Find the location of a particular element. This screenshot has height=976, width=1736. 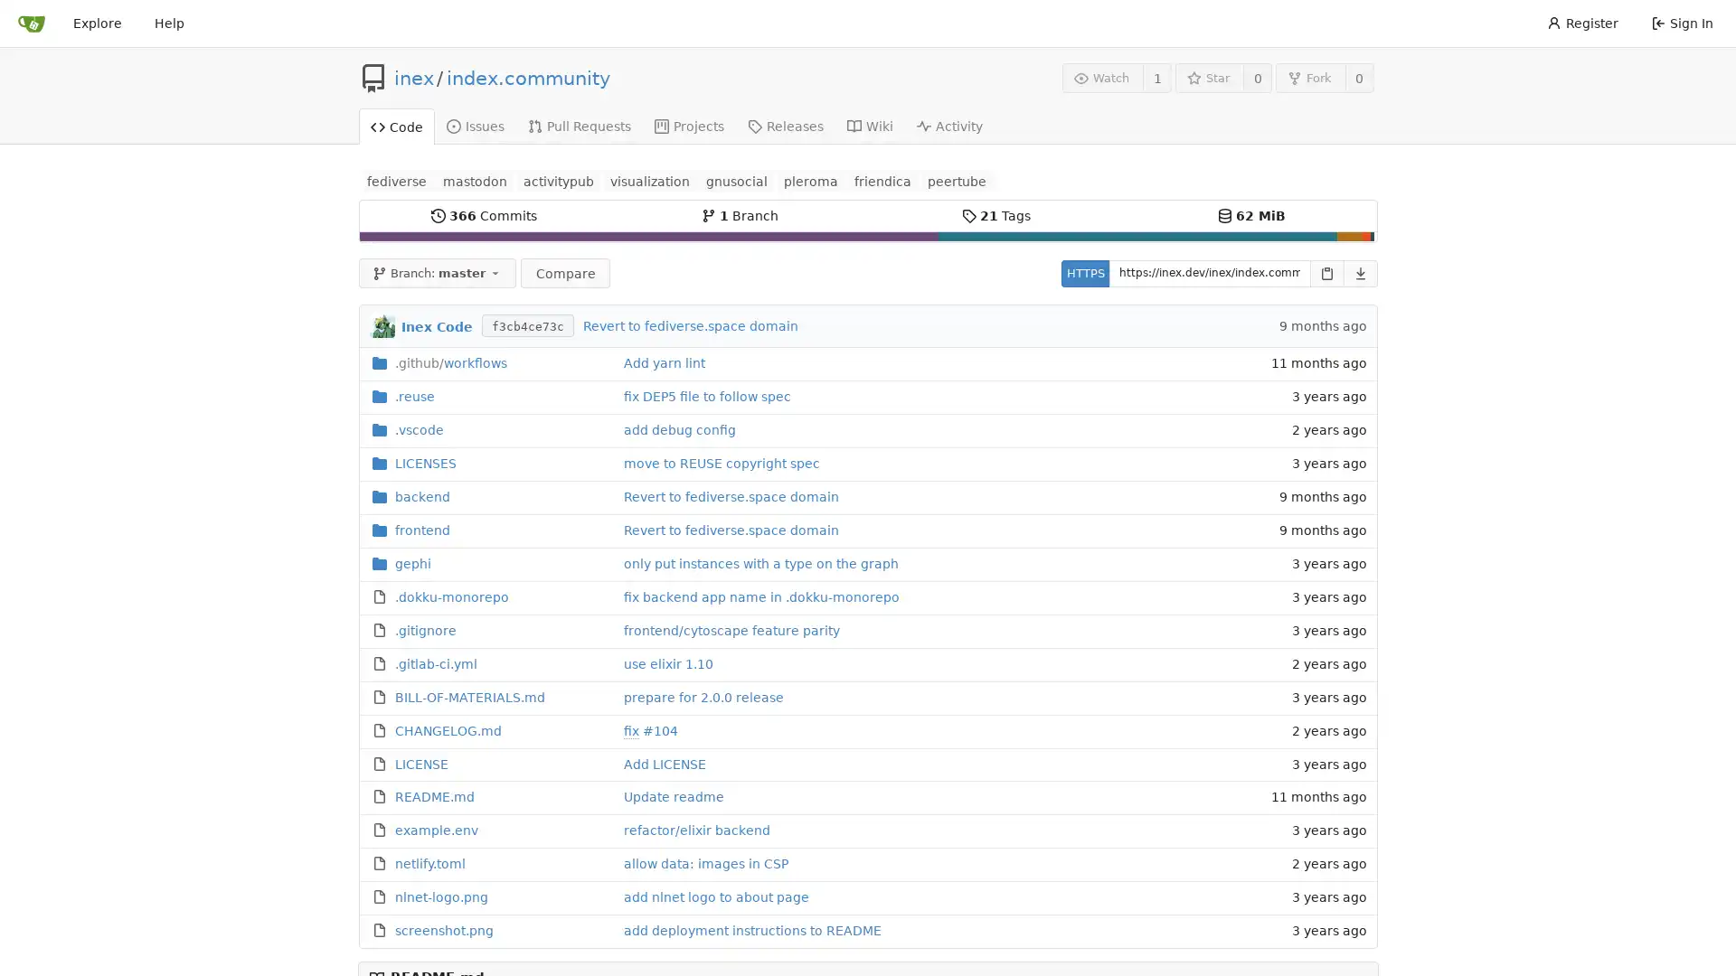

HTTPS is located at coordinates (1084, 272).